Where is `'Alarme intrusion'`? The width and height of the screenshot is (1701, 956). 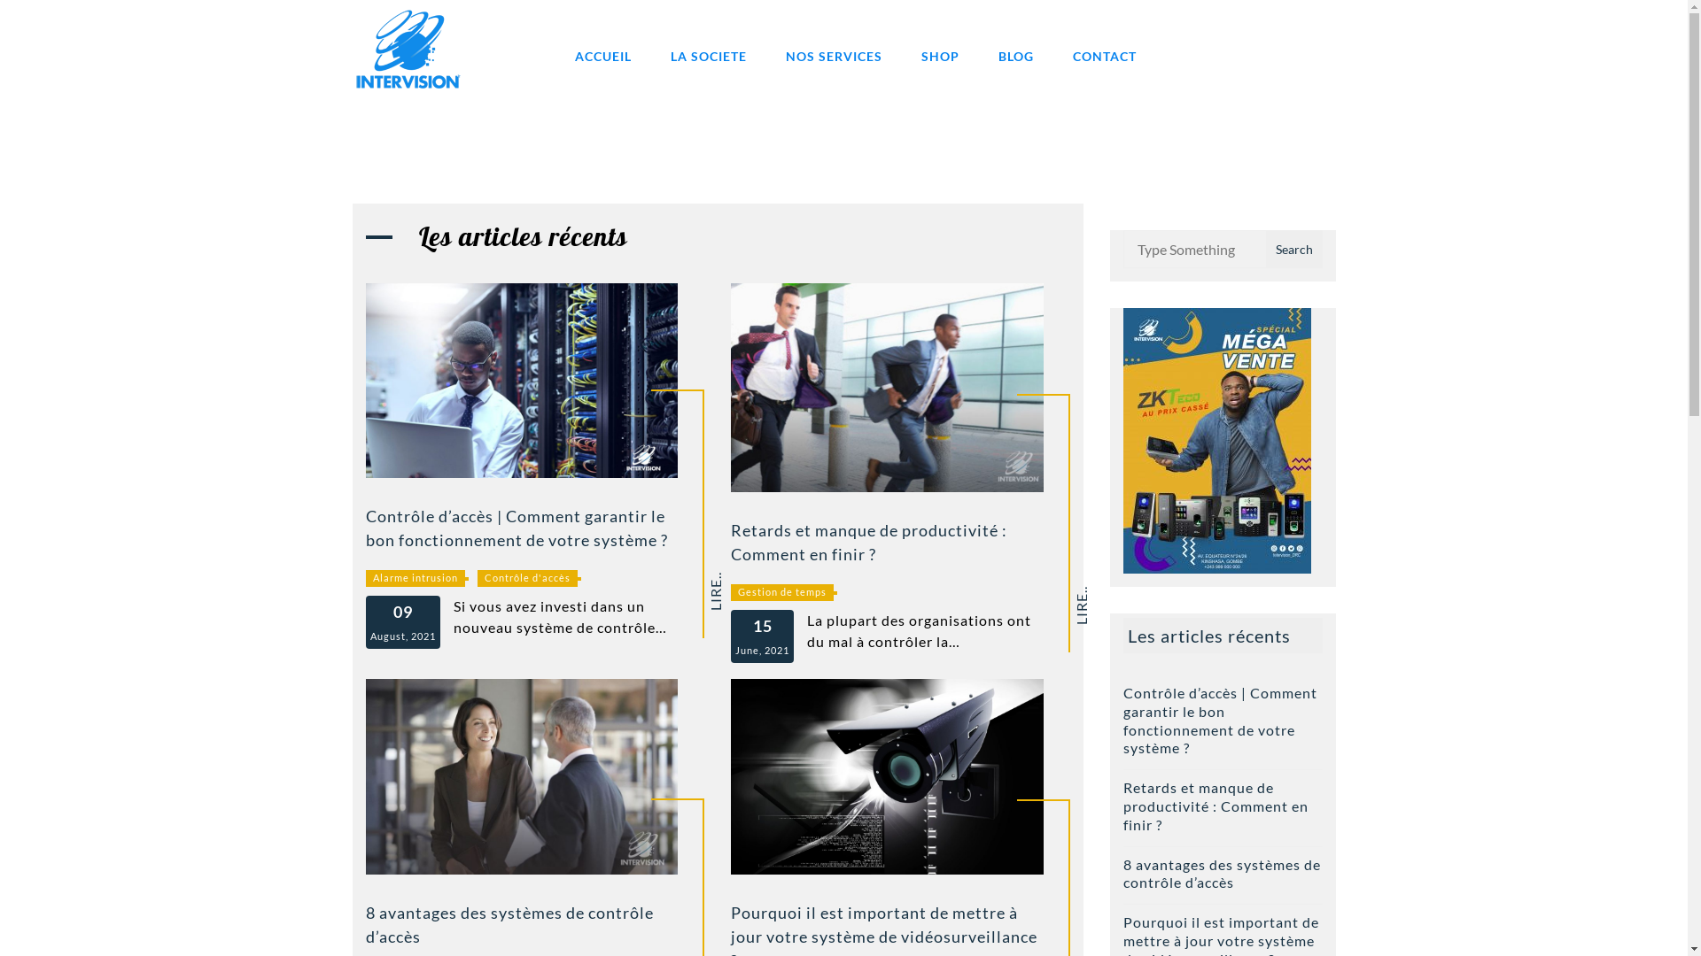 'Alarme intrusion' is located at coordinates (413, 578).